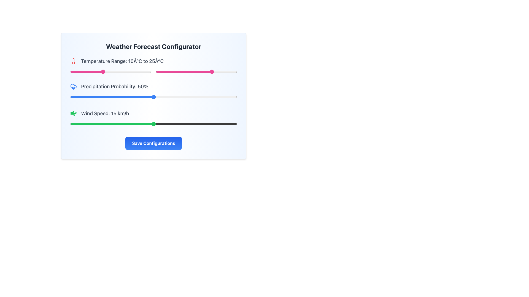 This screenshot has height=297, width=529. What do you see at coordinates (73, 61) in the screenshot?
I see `the red vertical thermometer icon located to the left of the 'Temperature Range: 10°C to 25°C' text` at bounding box center [73, 61].